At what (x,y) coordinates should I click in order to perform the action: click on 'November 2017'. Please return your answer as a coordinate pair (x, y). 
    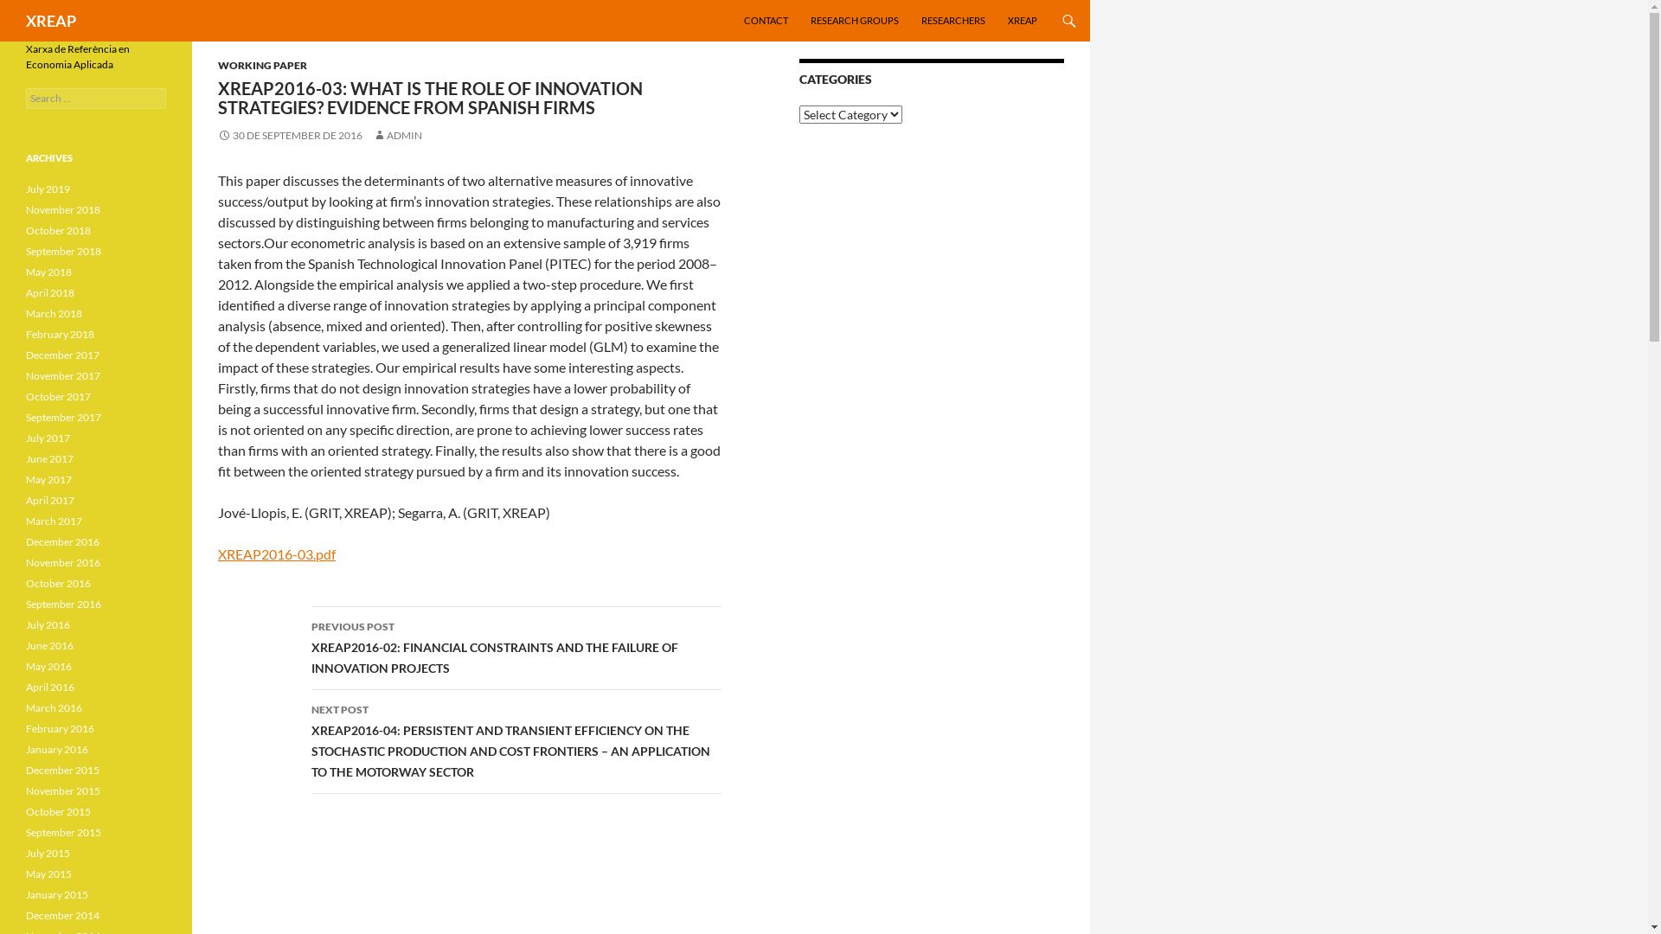
    Looking at the image, I should click on (62, 374).